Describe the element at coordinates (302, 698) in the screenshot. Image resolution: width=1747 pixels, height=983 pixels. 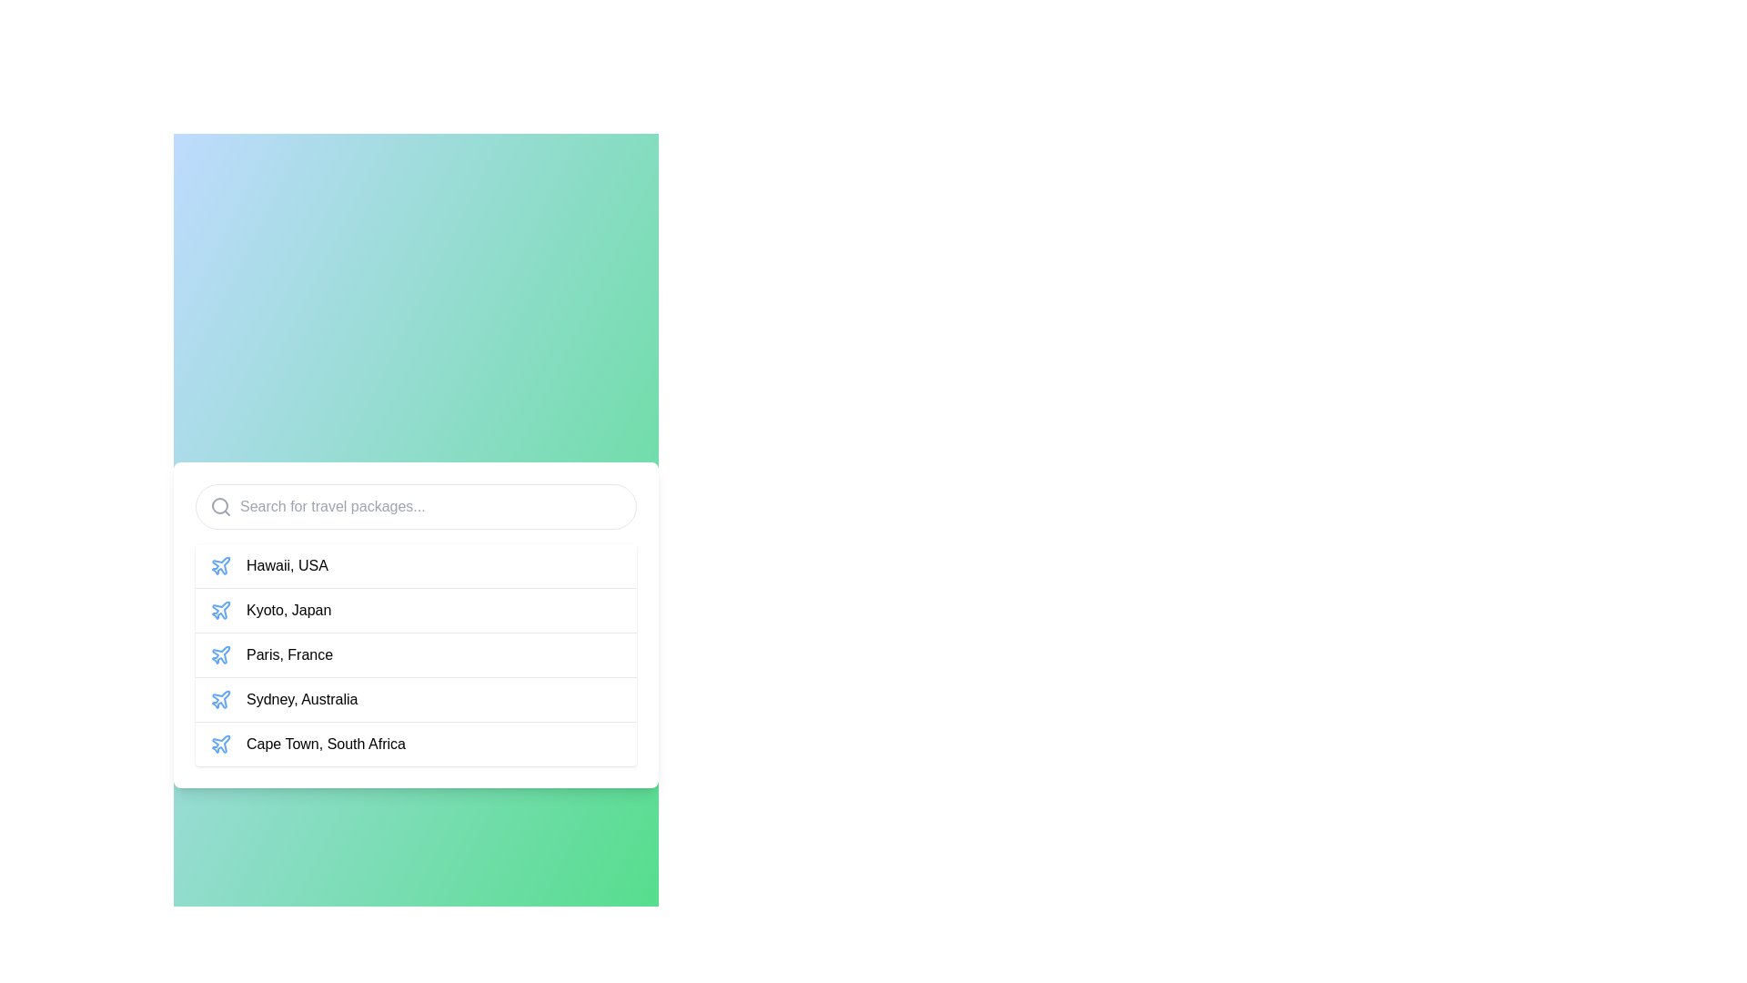
I see `the selectable list item labeled 'Sydney, Australia'` at that location.